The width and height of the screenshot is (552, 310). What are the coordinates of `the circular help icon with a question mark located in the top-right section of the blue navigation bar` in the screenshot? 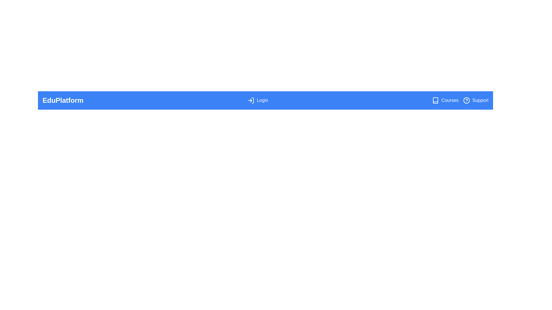 It's located at (466, 100).